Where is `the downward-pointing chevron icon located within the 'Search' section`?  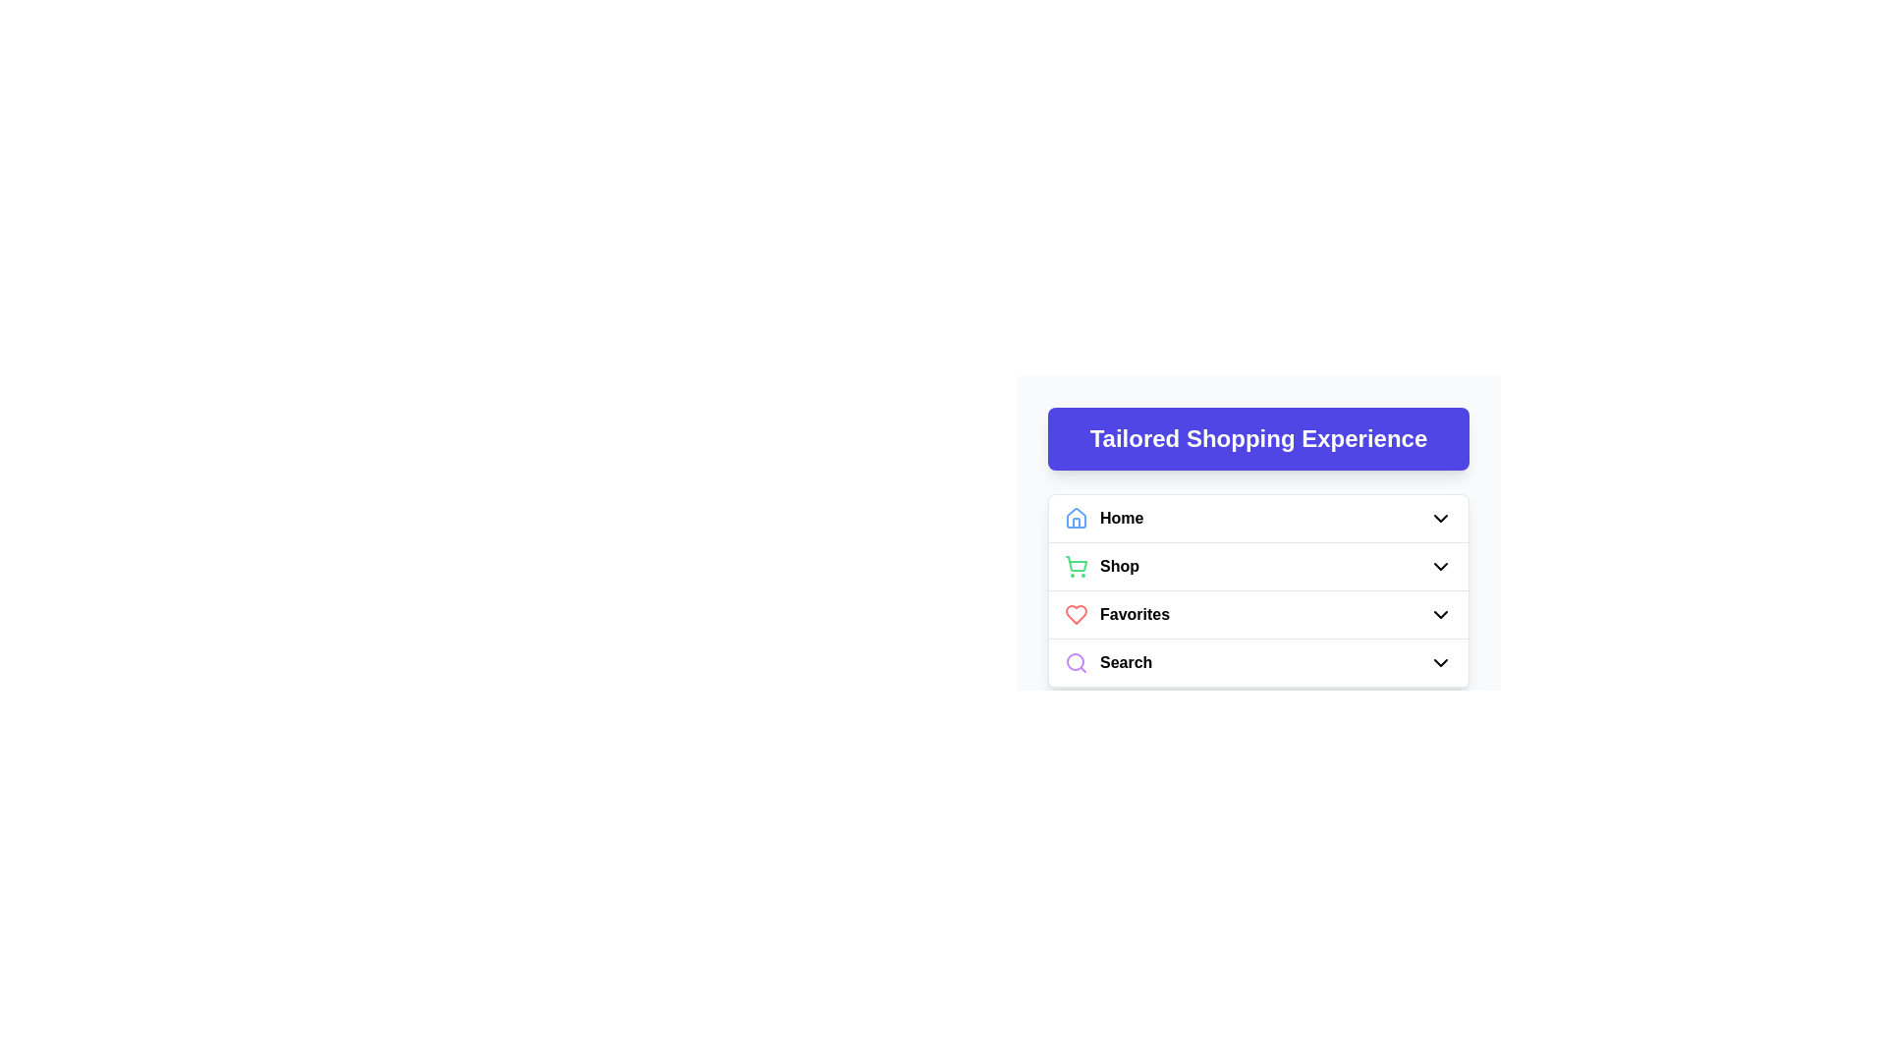 the downward-pointing chevron icon located within the 'Search' section is located at coordinates (1441, 663).